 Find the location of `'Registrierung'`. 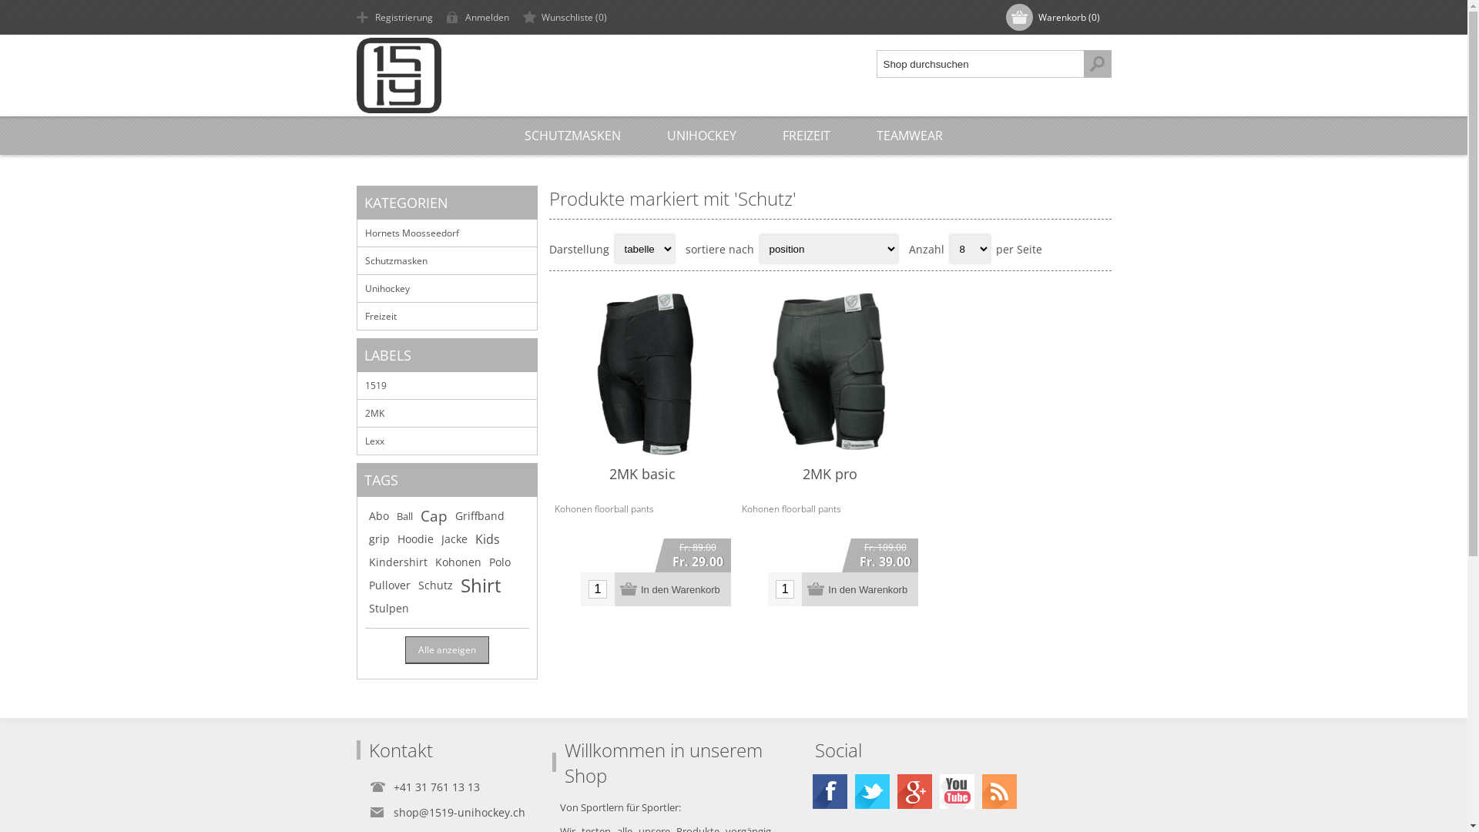

'Registrierung' is located at coordinates (396, 17).